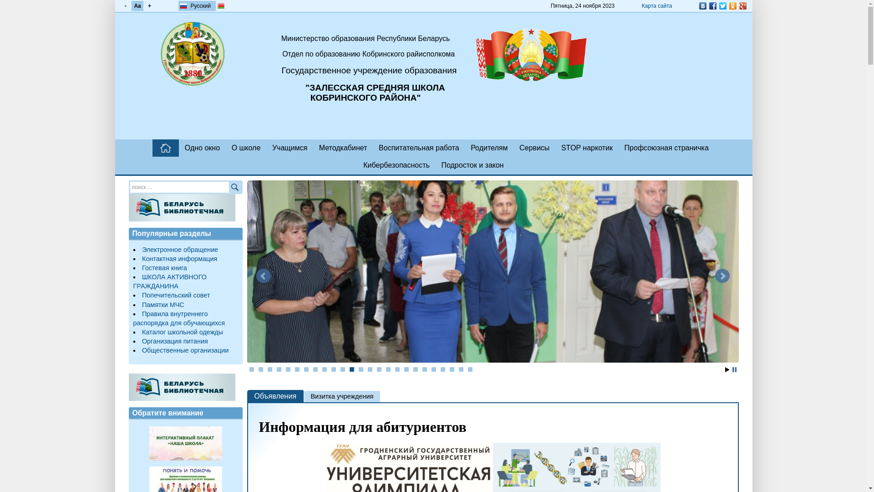  I want to click on '-', so click(124, 5).